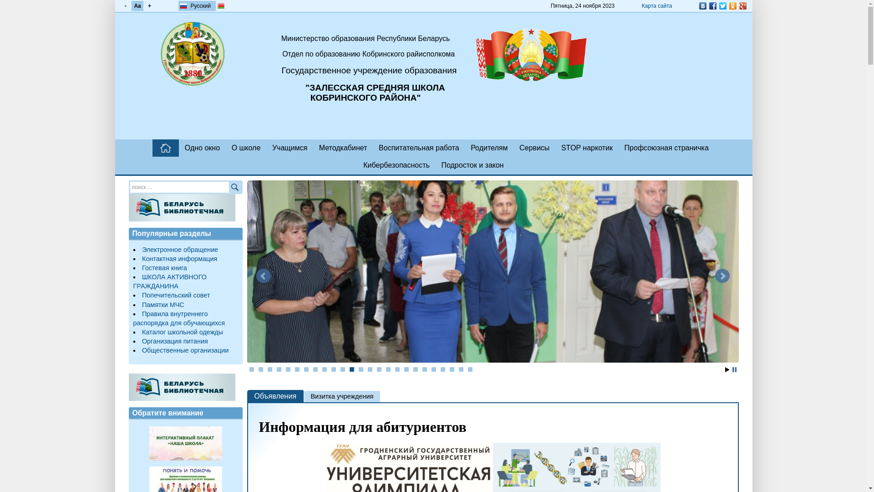  I want to click on '-', so click(124, 5).